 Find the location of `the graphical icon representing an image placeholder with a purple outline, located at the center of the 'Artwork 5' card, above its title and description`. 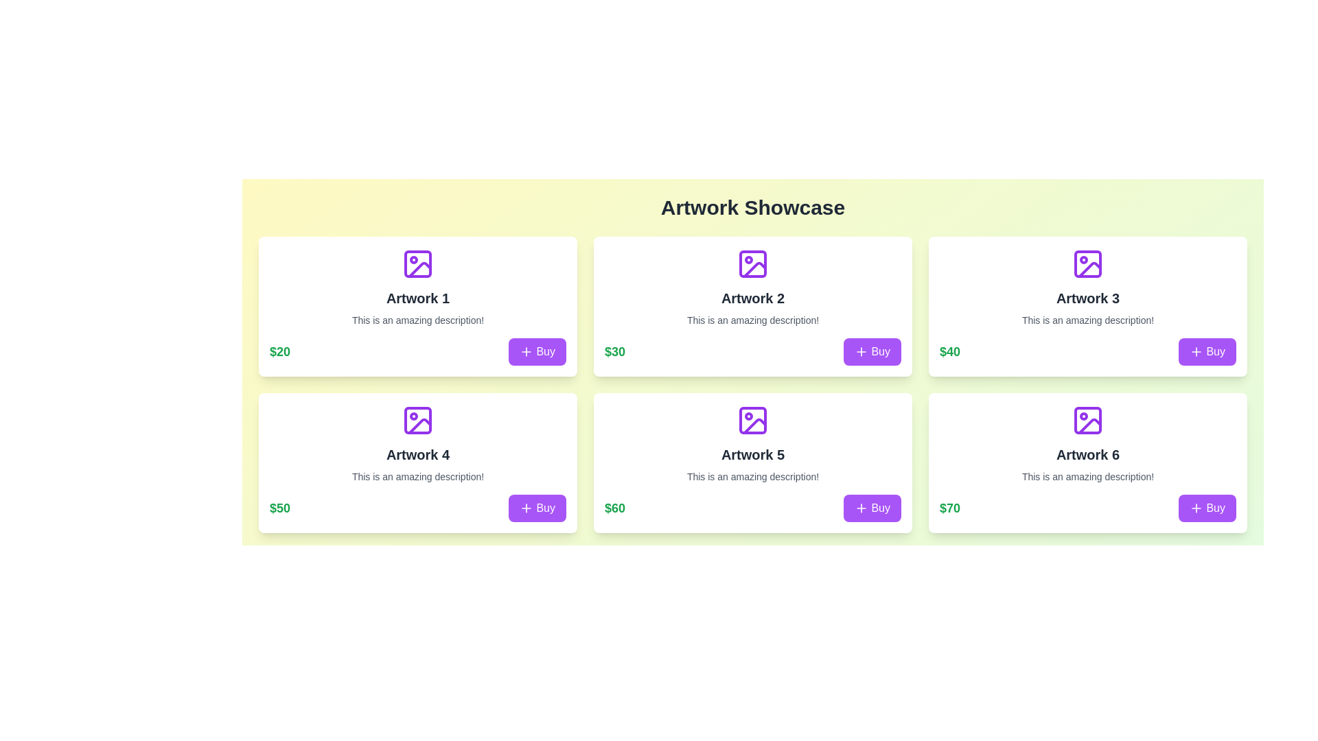

the graphical icon representing an image placeholder with a purple outline, located at the center of the 'Artwork 5' card, above its title and description is located at coordinates (752, 420).